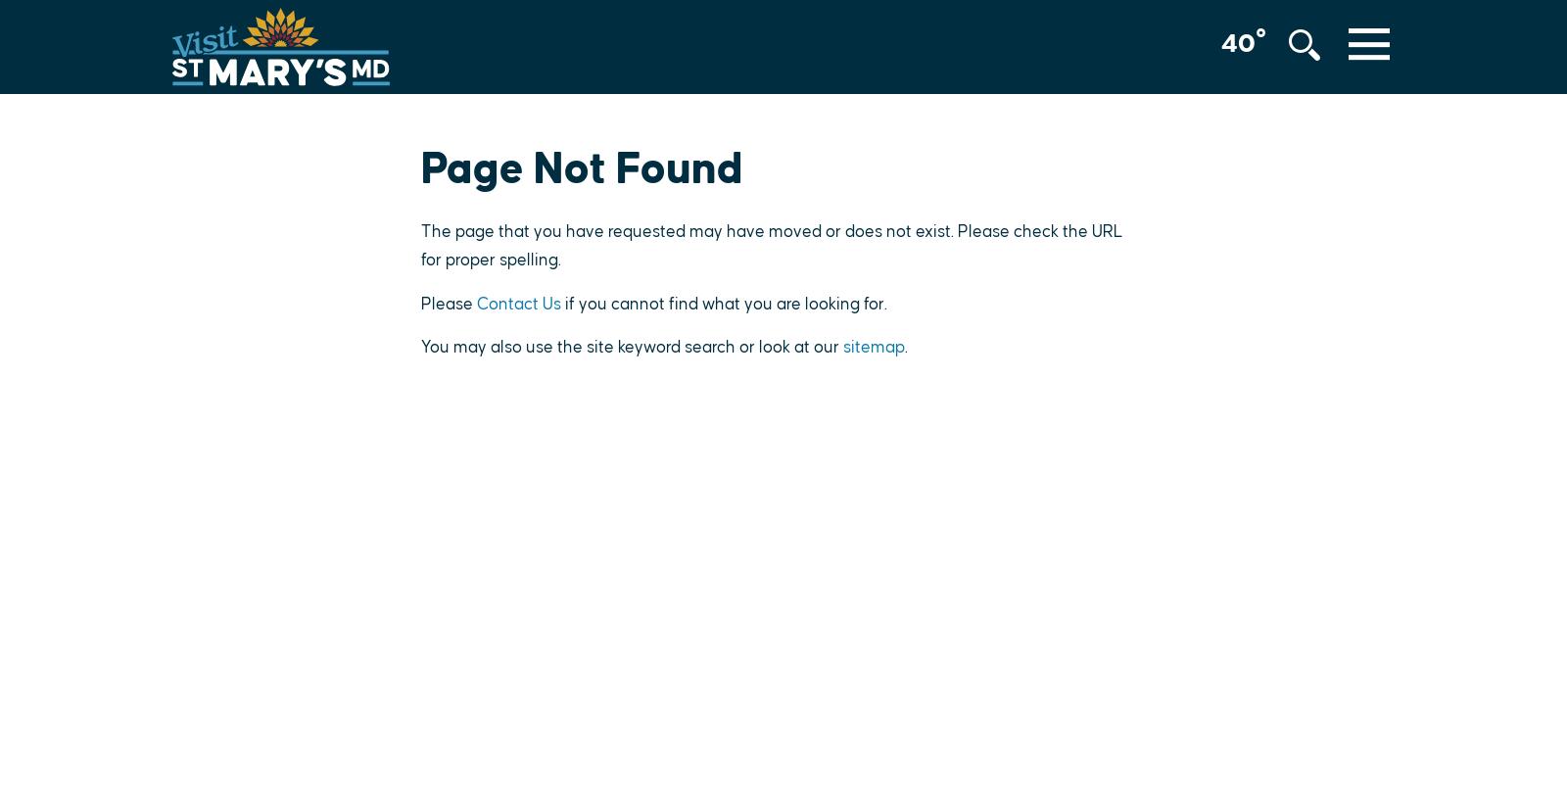 This screenshot has width=1567, height=805. Describe the element at coordinates (448, 303) in the screenshot. I see `'Please'` at that location.